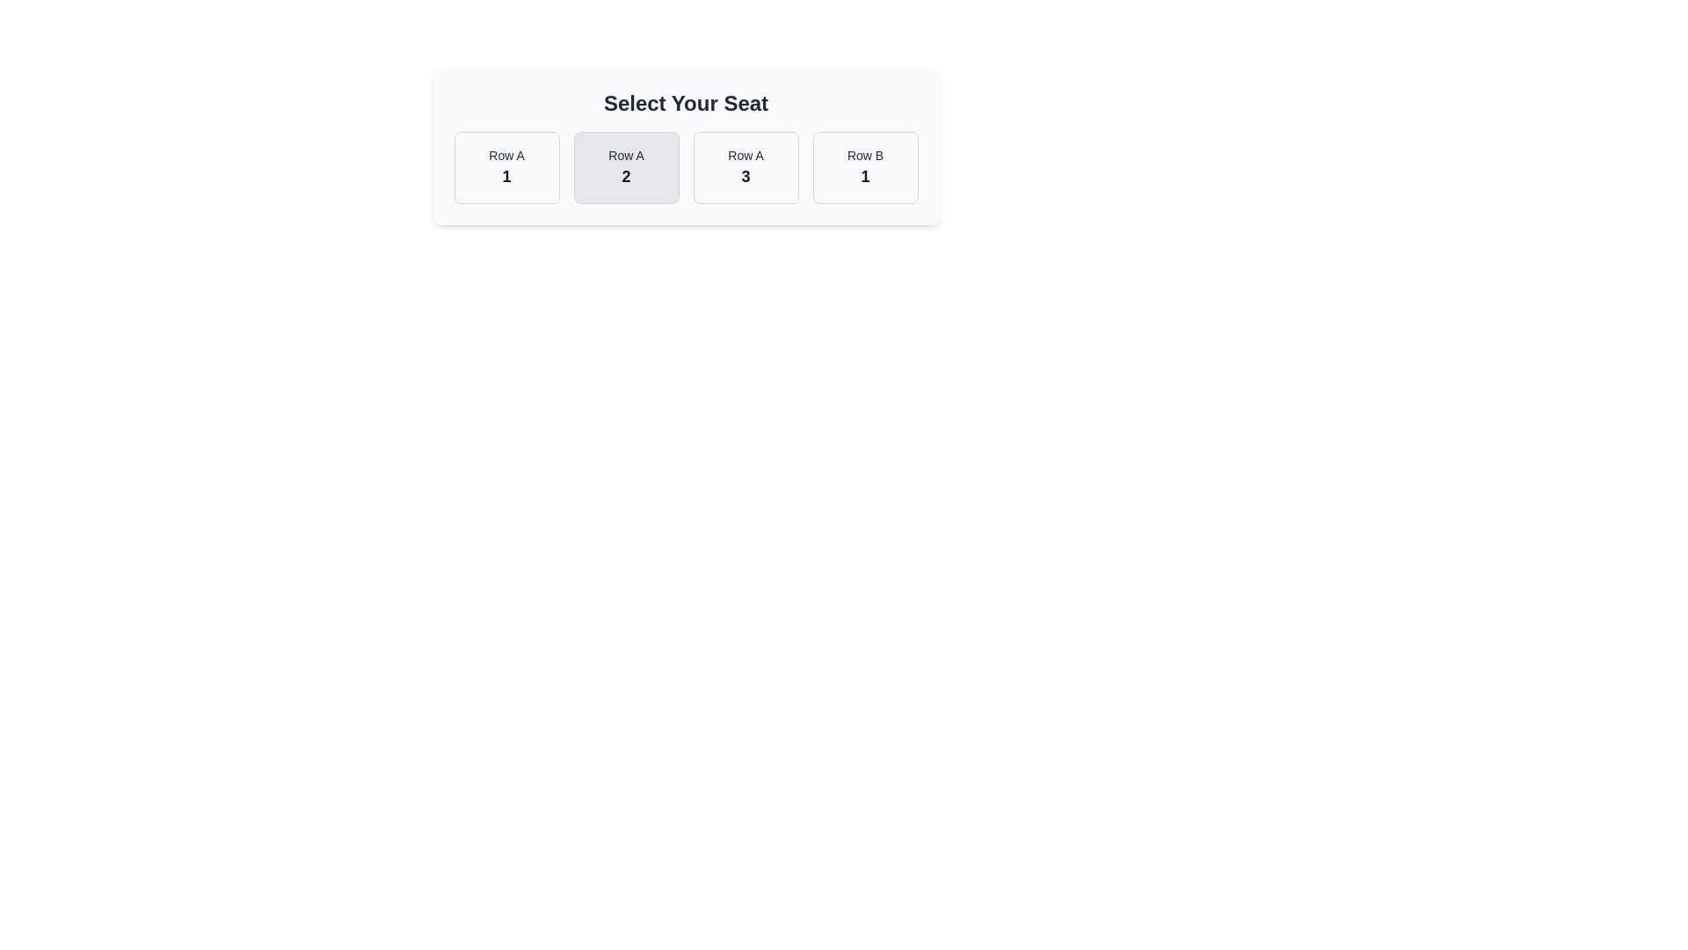 This screenshot has height=950, width=1688. What do you see at coordinates (746, 155) in the screenshot?
I see `the 'Row A' text label, which is displayed in a small, medium-weight dark gray font, located in the third column of the grid under the header 'Select Your Seat'` at bounding box center [746, 155].